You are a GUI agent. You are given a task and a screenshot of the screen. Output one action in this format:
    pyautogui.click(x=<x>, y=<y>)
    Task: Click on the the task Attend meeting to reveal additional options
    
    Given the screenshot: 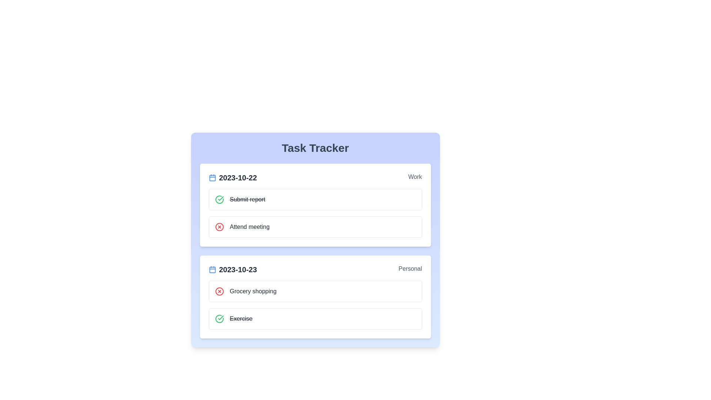 What is the action you would take?
    pyautogui.click(x=250, y=227)
    